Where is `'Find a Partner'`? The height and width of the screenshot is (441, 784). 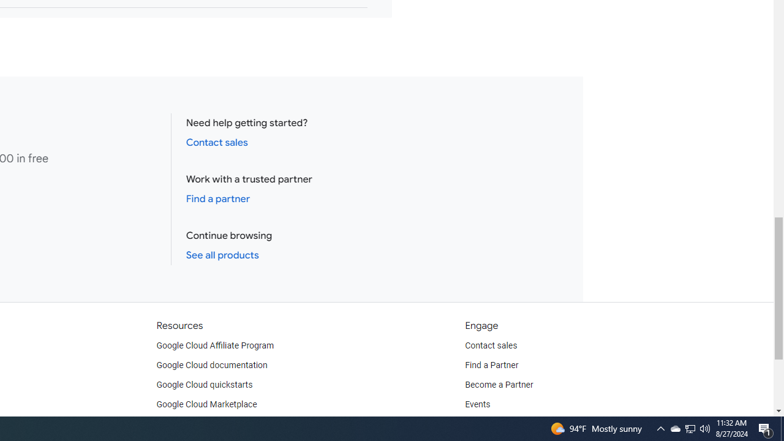
'Find a Partner' is located at coordinates (492, 364).